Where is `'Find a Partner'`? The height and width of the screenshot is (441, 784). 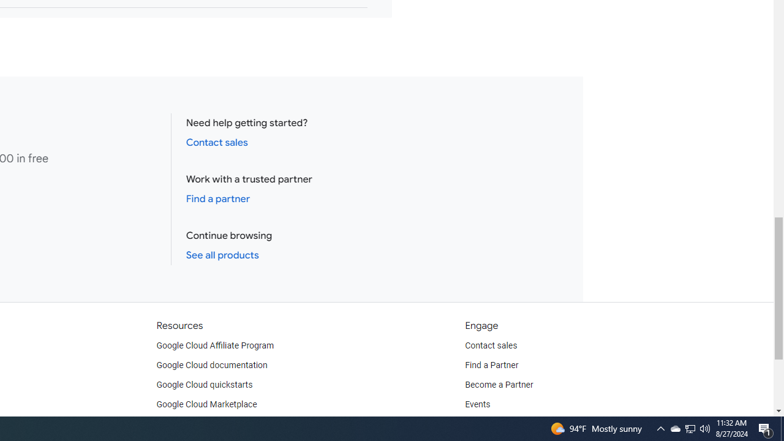
'Find a Partner' is located at coordinates (492, 364).